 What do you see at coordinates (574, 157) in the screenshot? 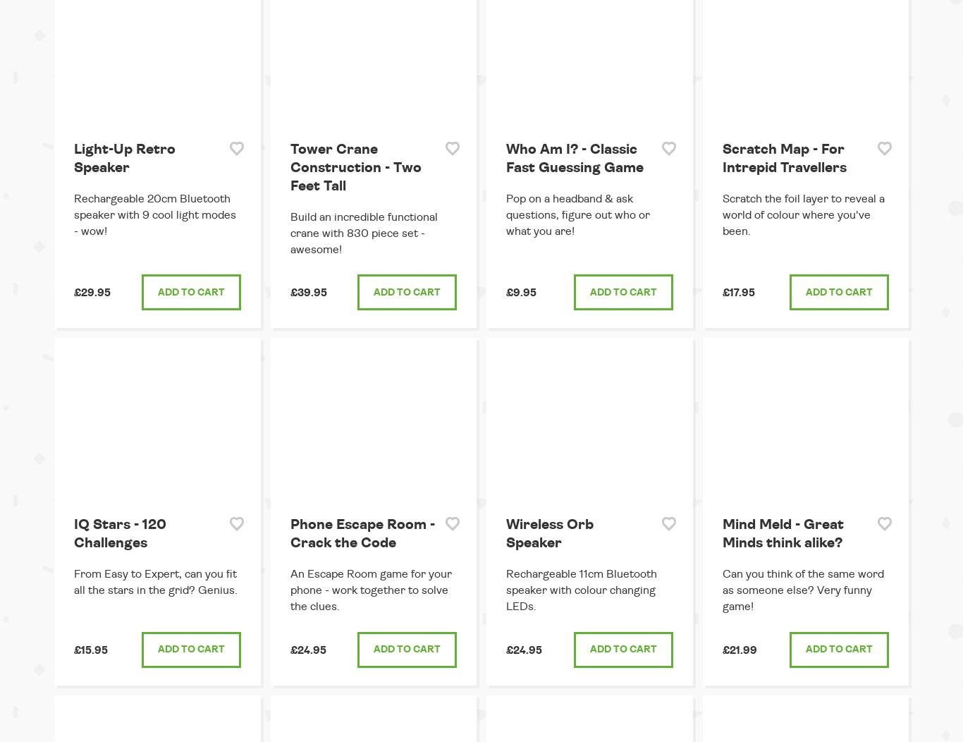
I see `'Who Am I? - Classic Fast Guessing Game'` at bounding box center [574, 157].